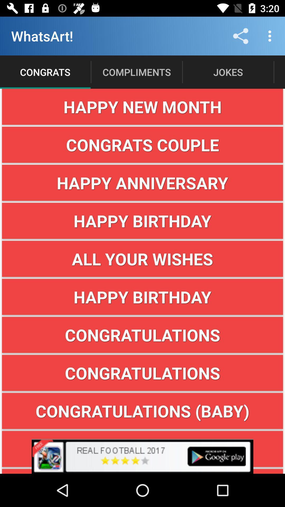 This screenshot has height=507, width=285. What do you see at coordinates (142, 183) in the screenshot?
I see `happy anniversary above happy birthday` at bounding box center [142, 183].